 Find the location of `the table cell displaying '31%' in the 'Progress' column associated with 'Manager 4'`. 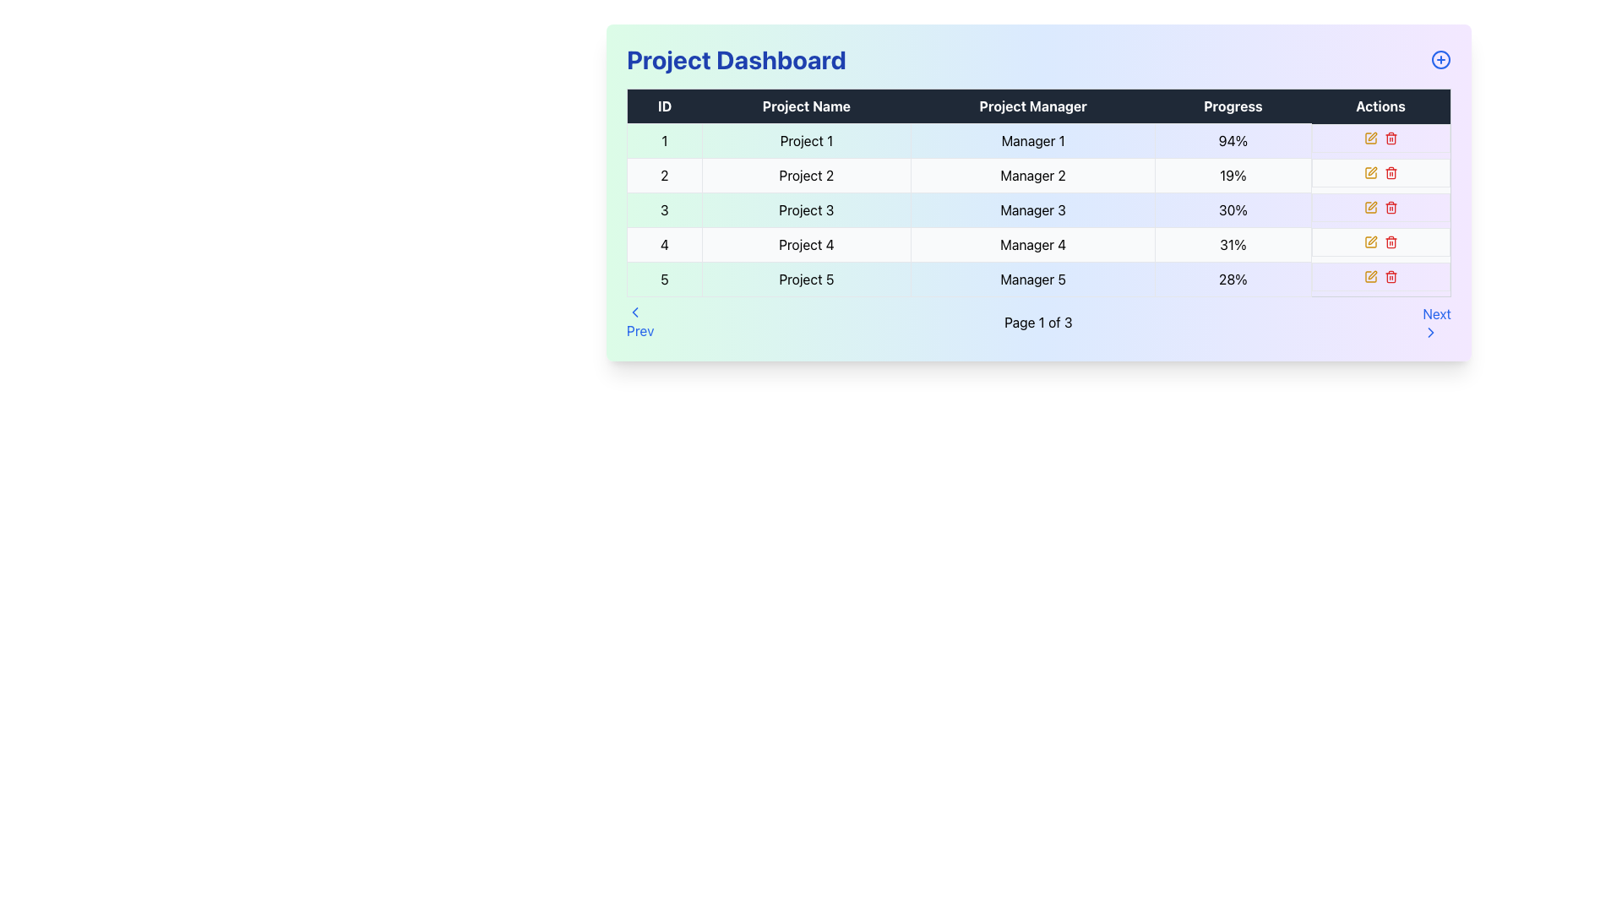

the table cell displaying '31%' in the 'Progress' column associated with 'Manager 4' is located at coordinates (1233, 244).